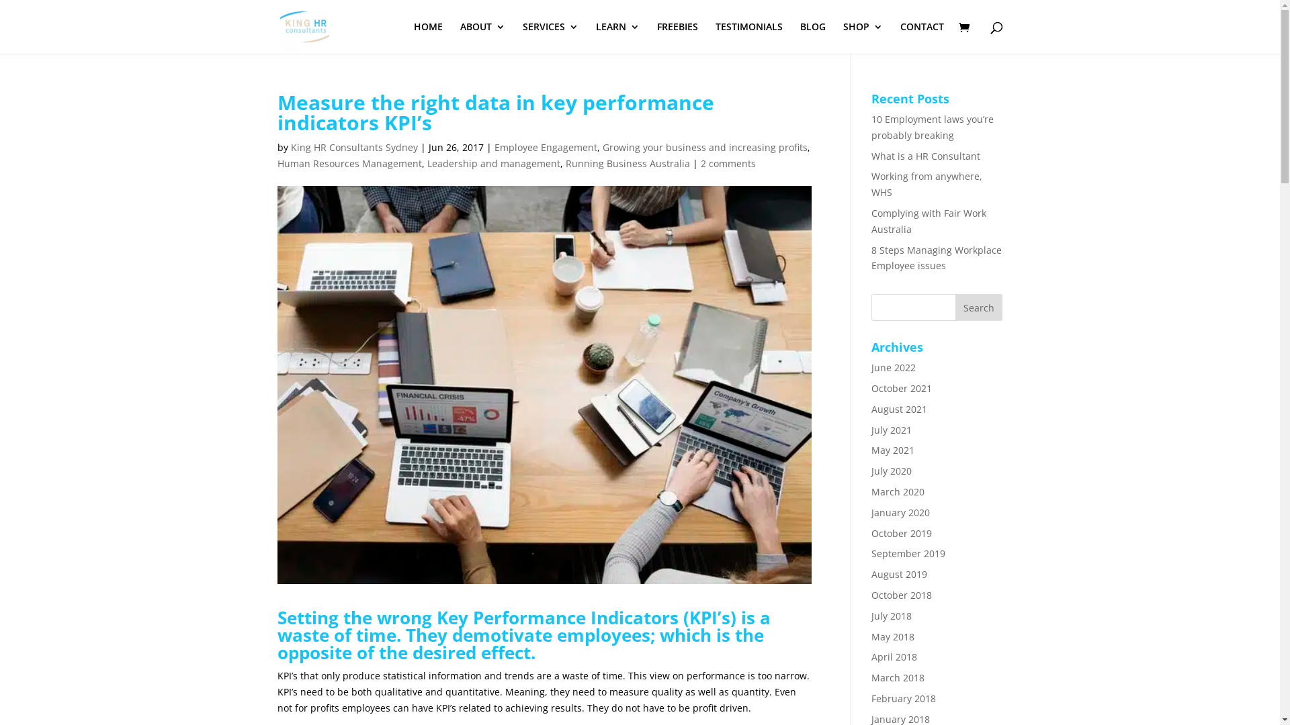 The image size is (1290, 725). What do you see at coordinates (353, 147) in the screenshot?
I see `'King HR Consultants Sydney'` at bounding box center [353, 147].